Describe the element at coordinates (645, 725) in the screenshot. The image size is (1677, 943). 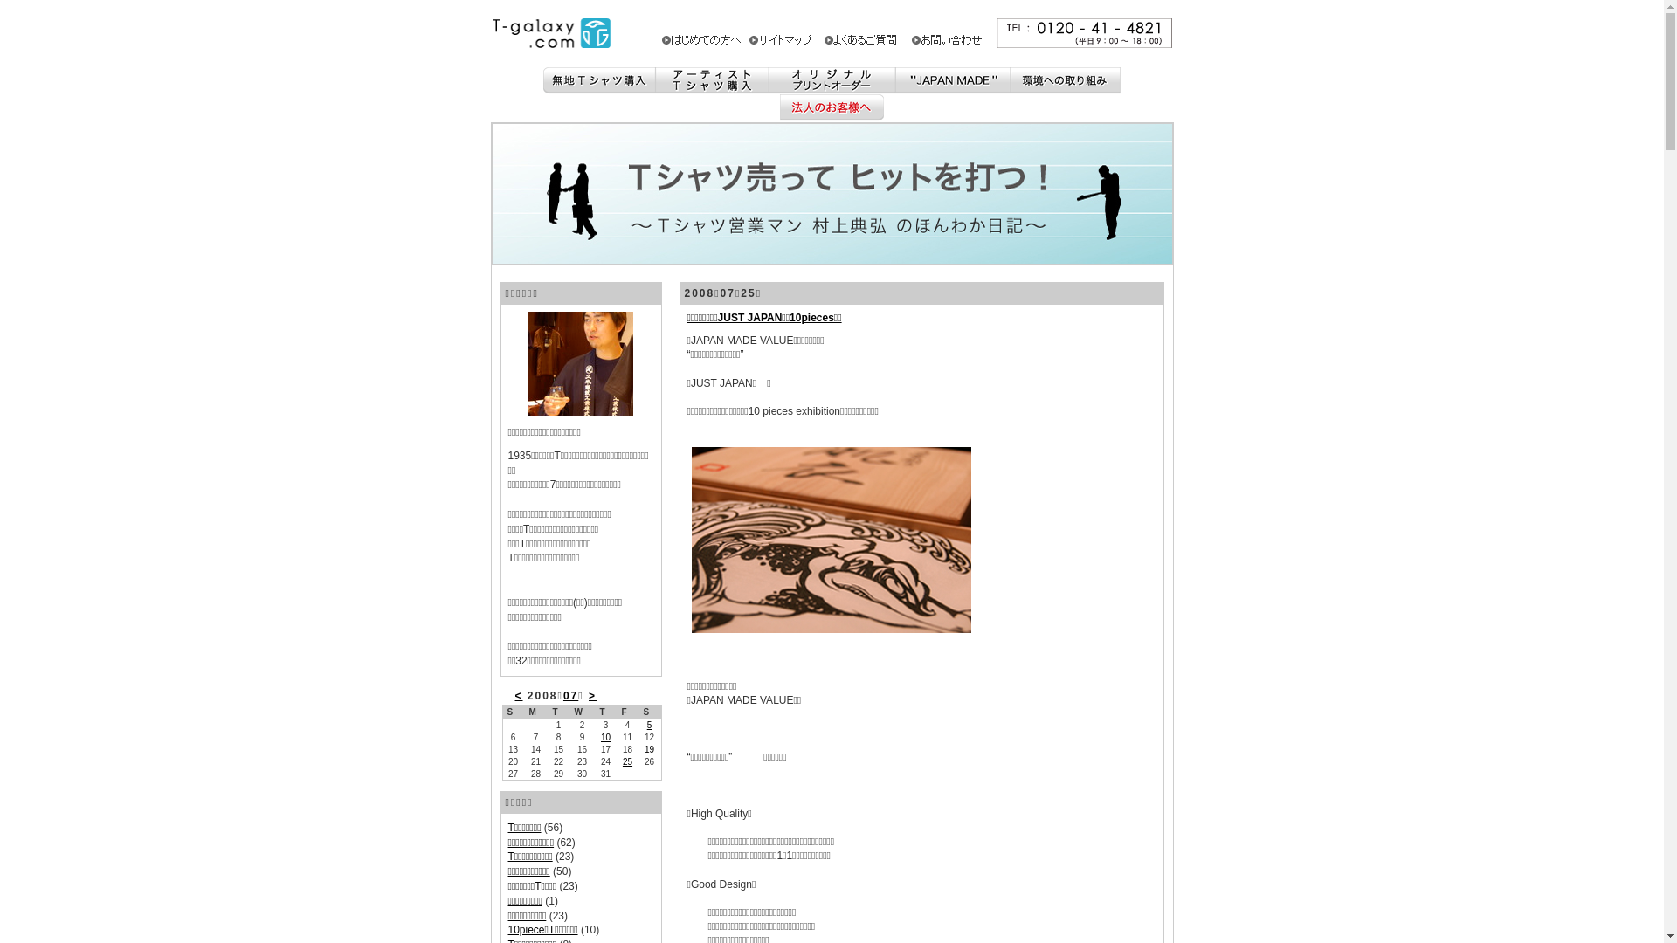
I see `'5'` at that location.